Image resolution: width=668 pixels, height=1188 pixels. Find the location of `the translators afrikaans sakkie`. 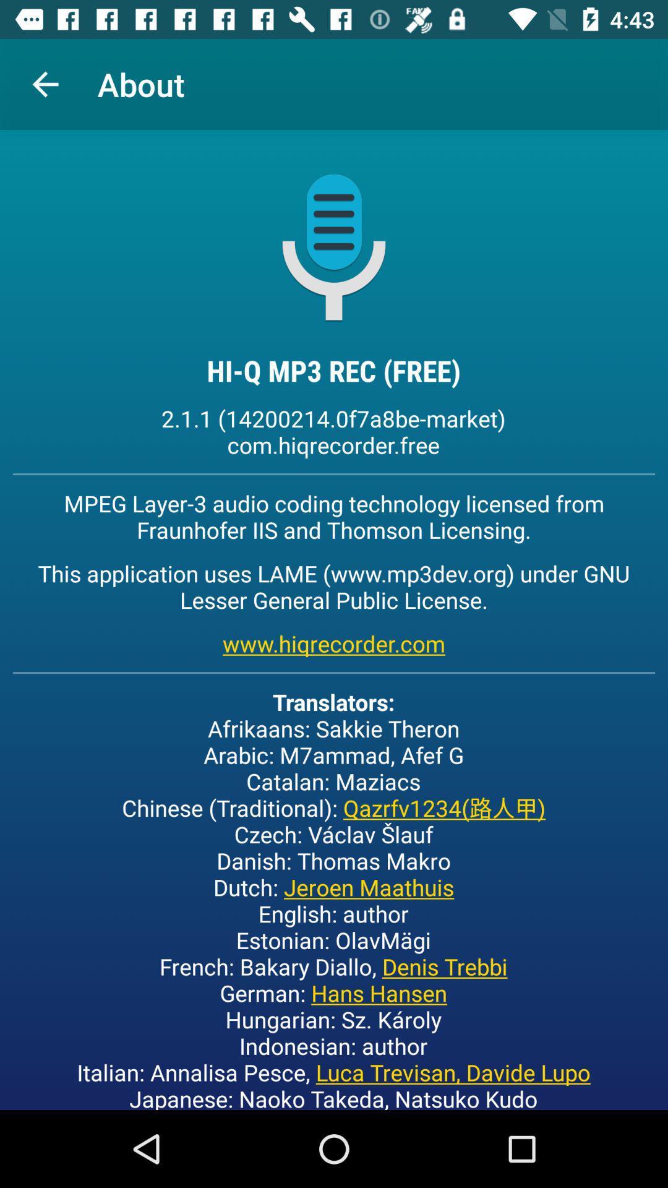

the translators afrikaans sakkie is located at coordinates (333, 898).